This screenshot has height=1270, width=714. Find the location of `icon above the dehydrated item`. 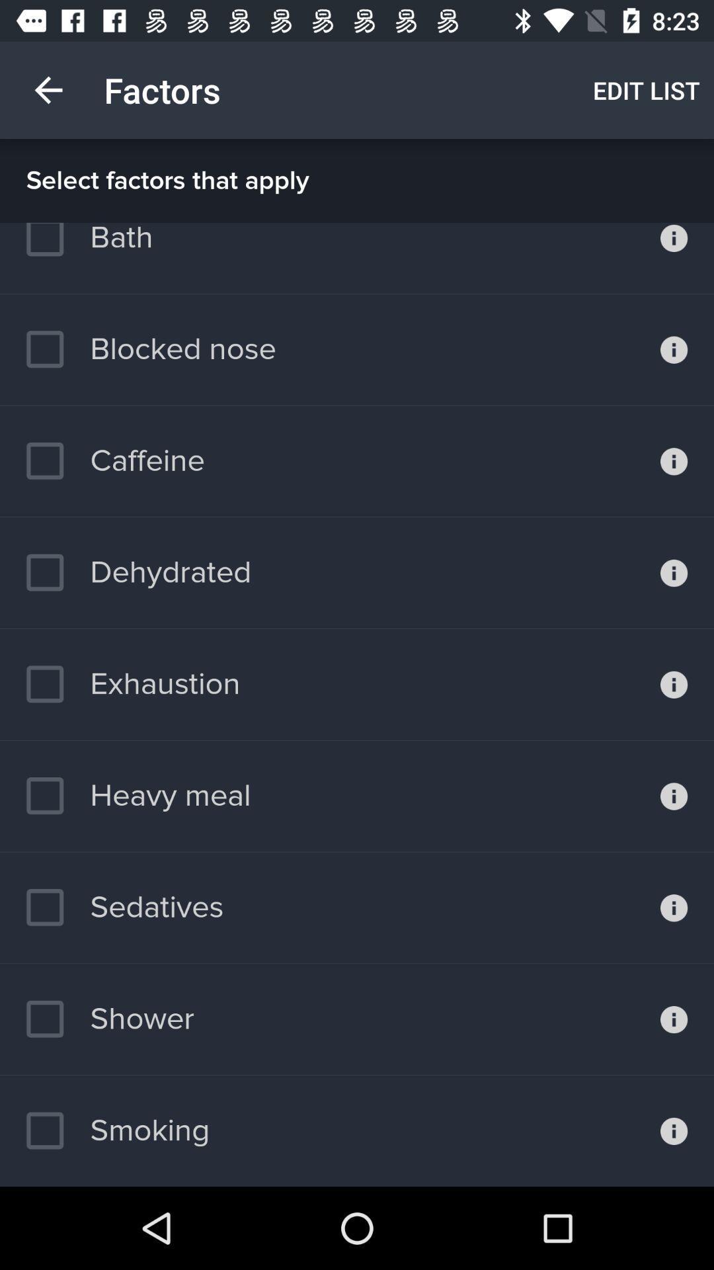

icon above the dehydrated item is located at coordinates (114, 461).